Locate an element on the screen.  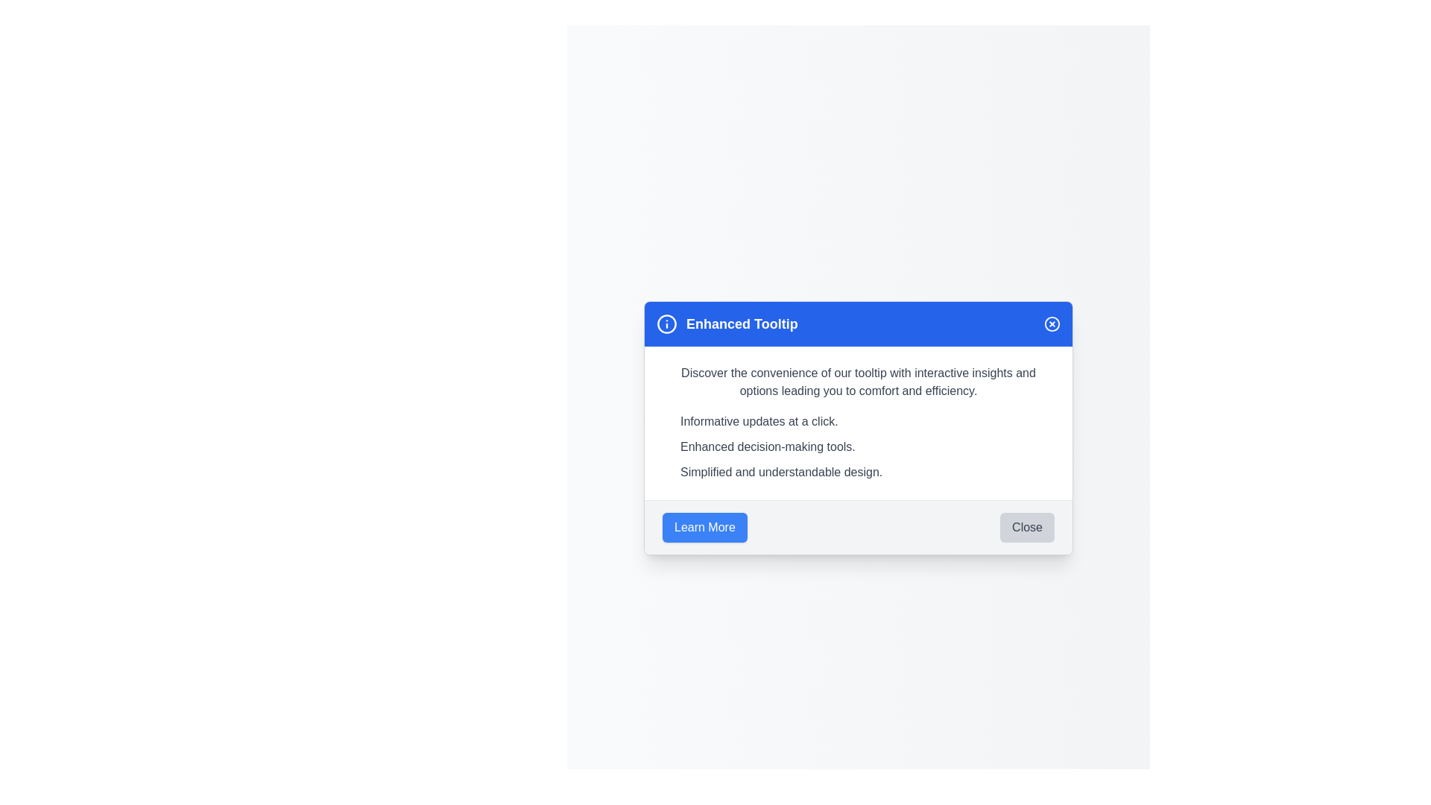
the informational icon located at the top-left corner of the tooltip card, preceding the text title 'Enhanced Tooltip' is located at coordinates (666, 323).